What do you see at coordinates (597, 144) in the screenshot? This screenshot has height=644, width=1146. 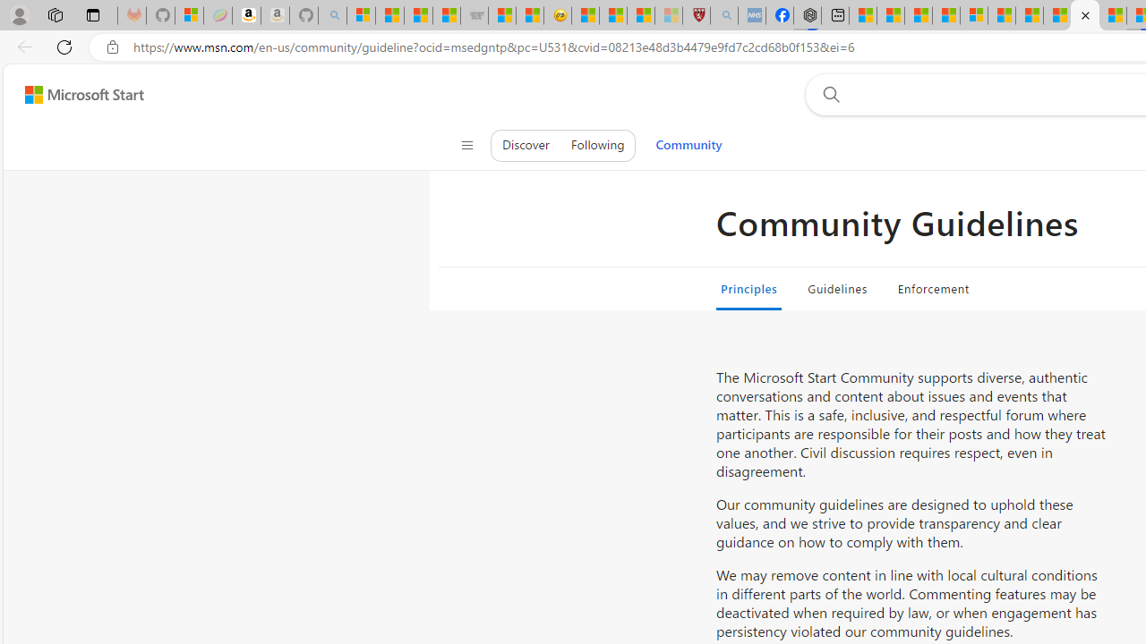 I see `'Following'` at bounding box center [597, 144].